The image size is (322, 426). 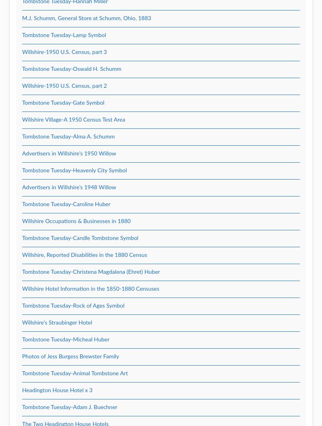 What do you see at coordinates (64, 52) in the screenshot?
I see `'Willshire-1950 U.S. Census, part 3'` at bounding box center [64, 52].